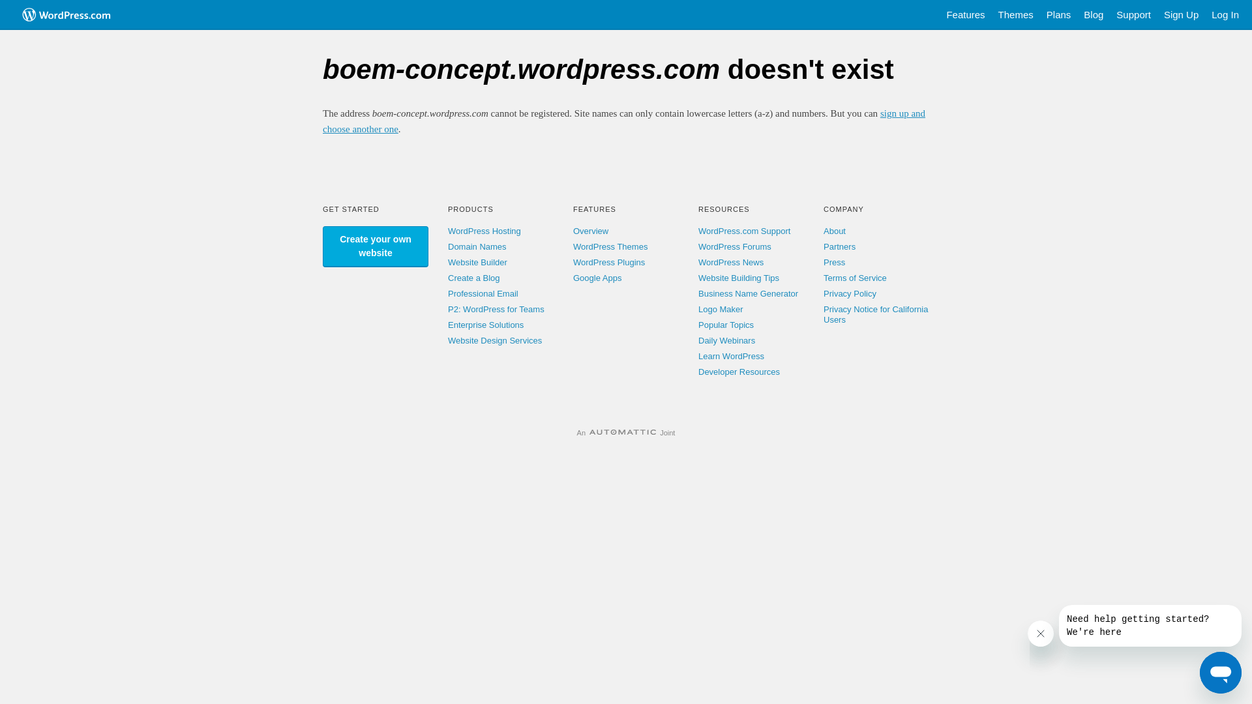 This screenshot has width=1252, height=704. I want to click on 'Logo Maker', so click(720, 309).